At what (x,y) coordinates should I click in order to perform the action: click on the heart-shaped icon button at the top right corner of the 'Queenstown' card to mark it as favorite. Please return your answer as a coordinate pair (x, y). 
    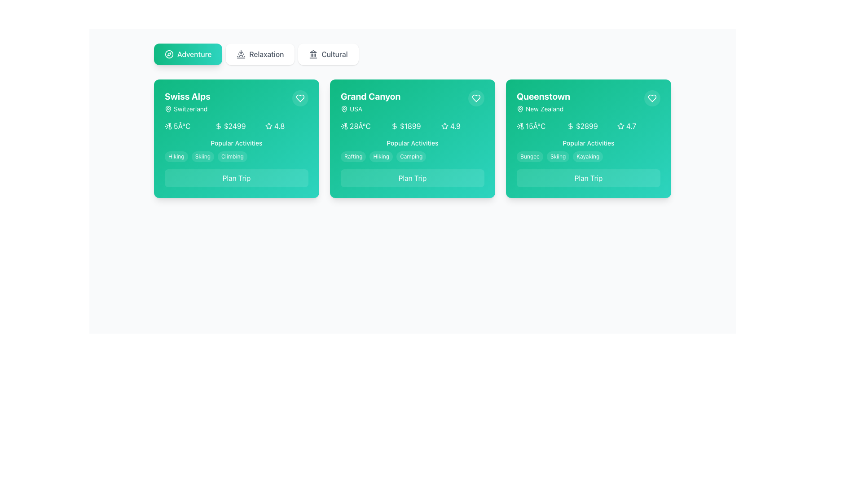
    Looking at the image, I should click on (475, 98).